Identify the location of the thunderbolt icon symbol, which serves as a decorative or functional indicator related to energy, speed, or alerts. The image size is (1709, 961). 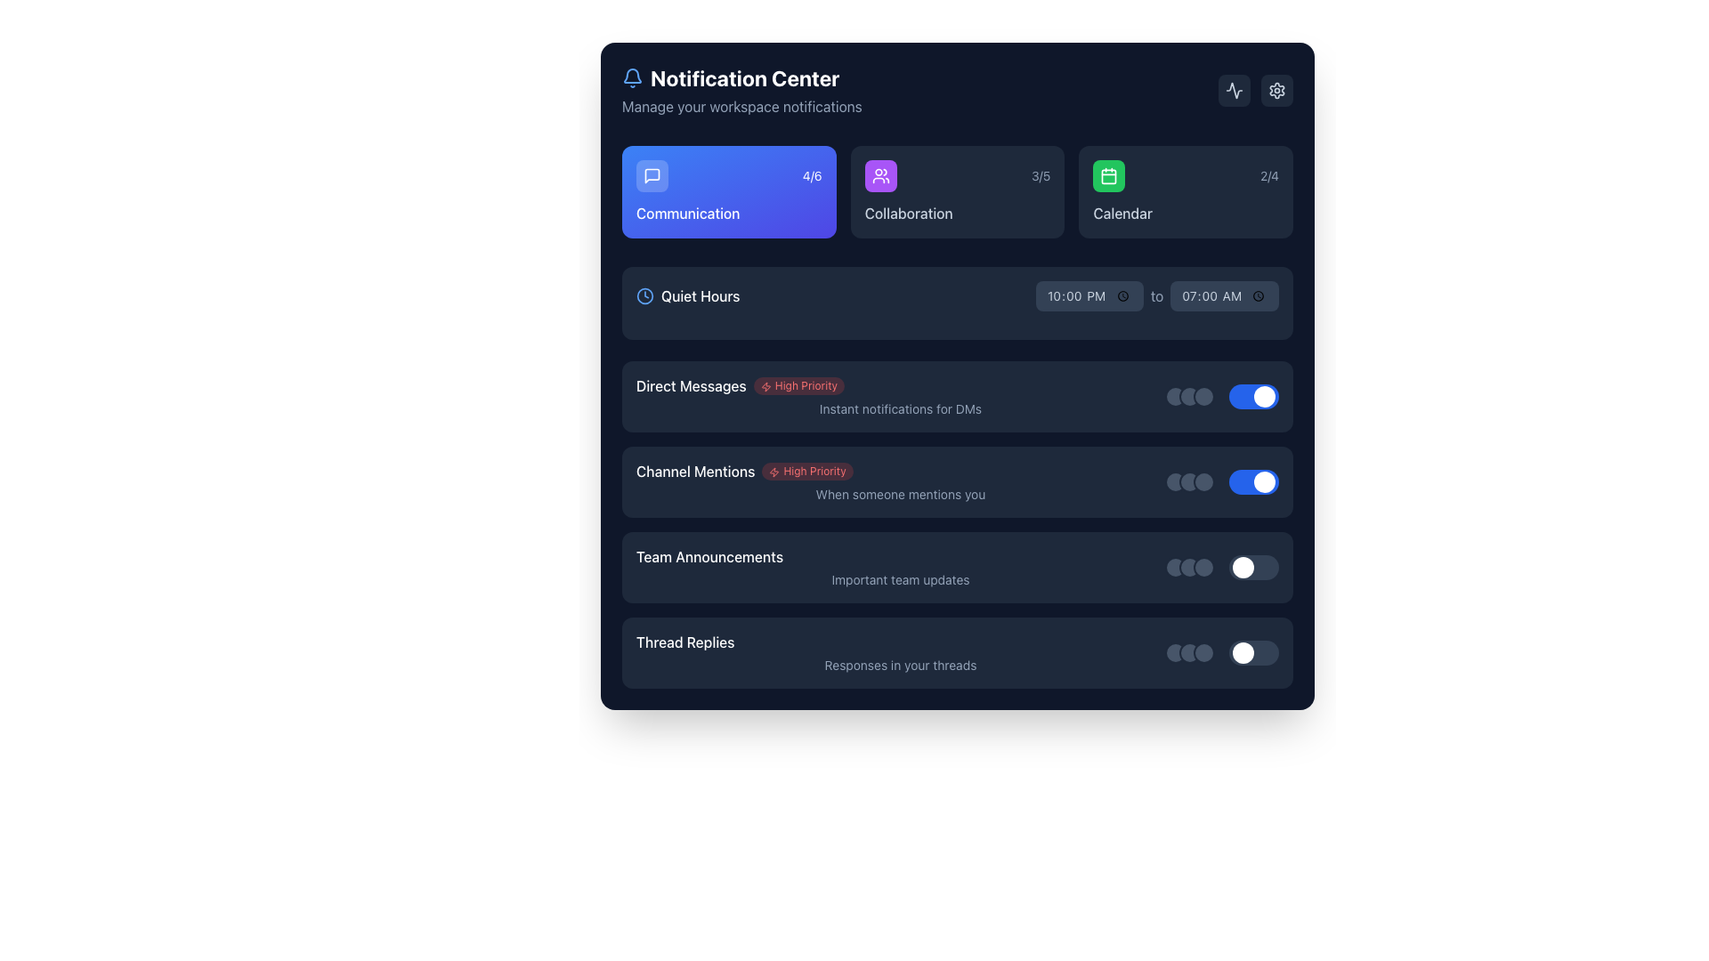
(765, 385).